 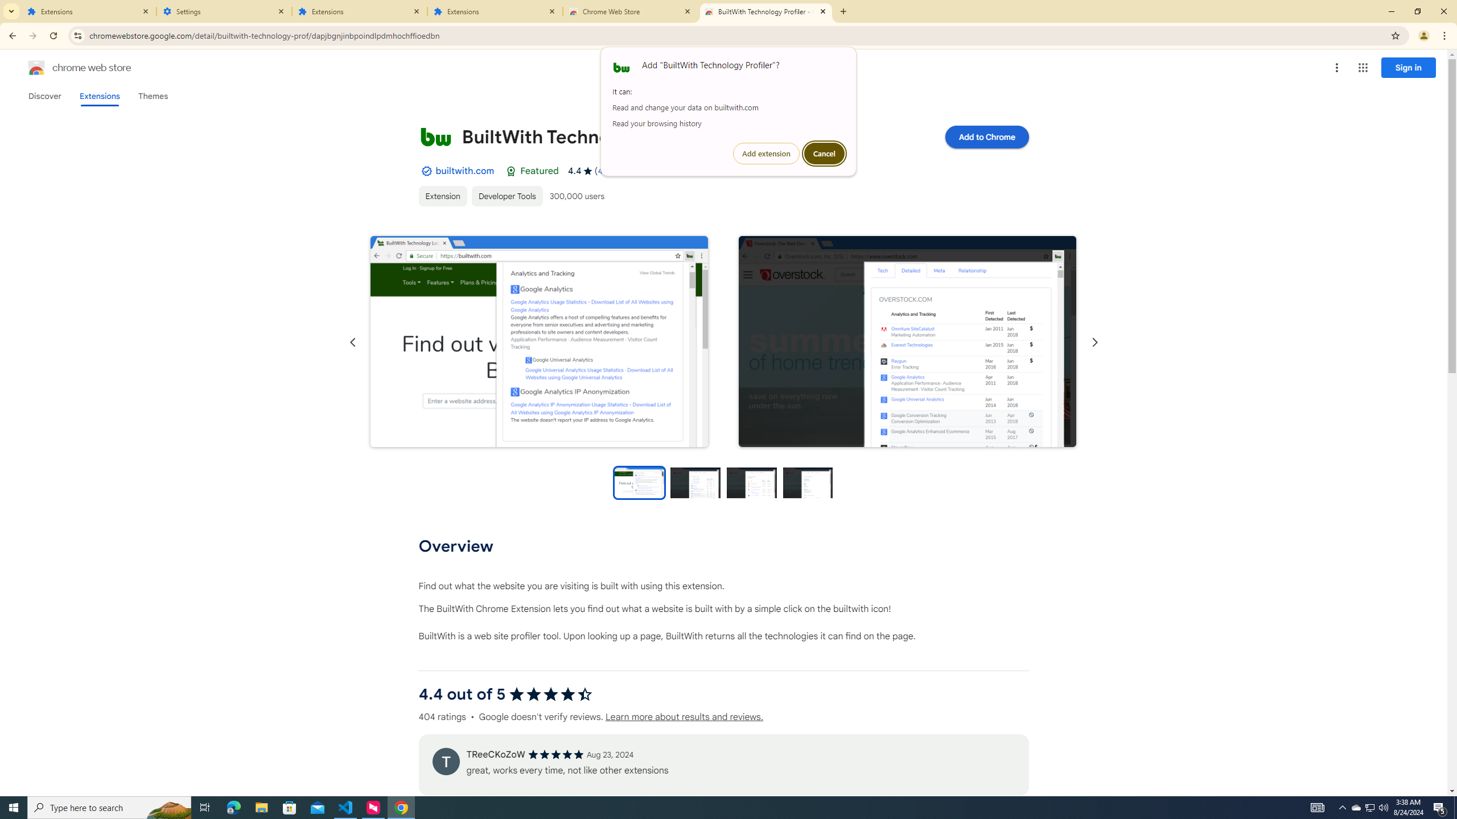 I want to click on 'Visual Studio Code - 1 running window', so click(x=345, y=806).